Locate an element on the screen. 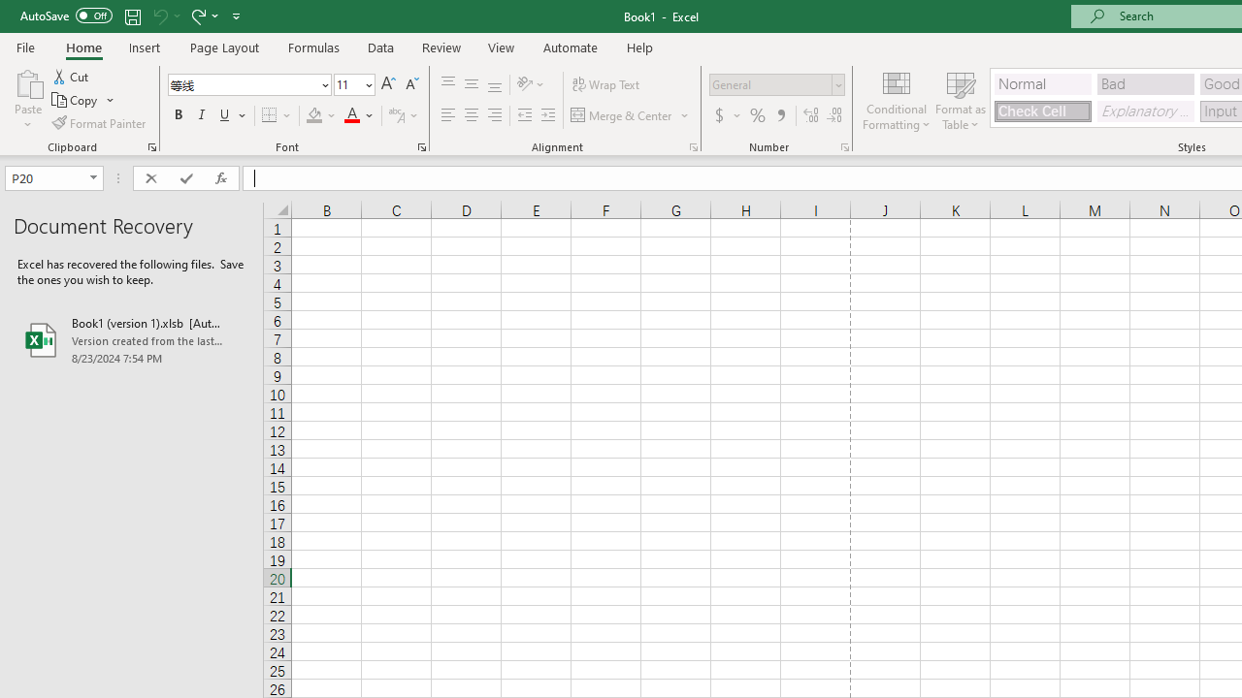 This screenshot has width=1242, height=698. 'Copy' is located at coordinates (82, 100).